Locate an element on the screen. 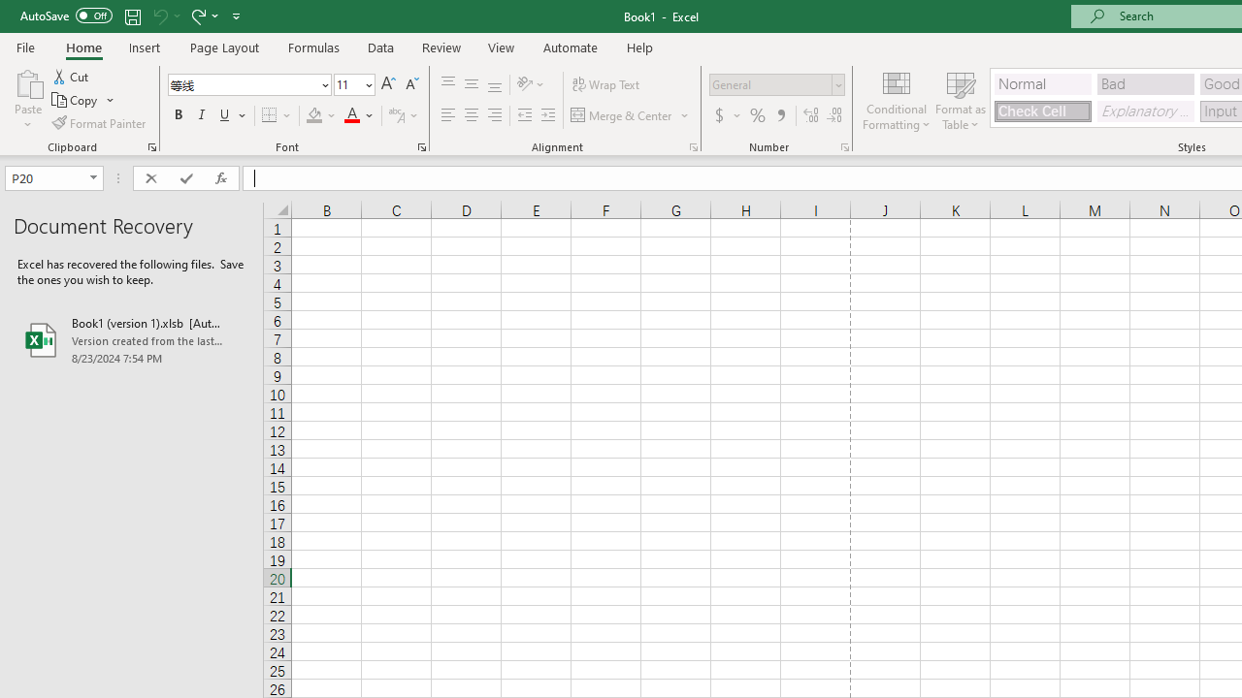 This screenshot has width=1242, height=698. 'Copy' is located at coordinates (82, 100).